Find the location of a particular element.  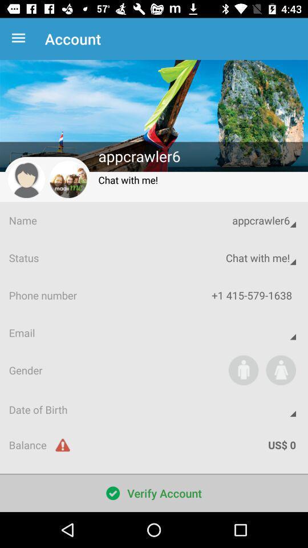

the verify account icon is located at coordinates (154, 493).